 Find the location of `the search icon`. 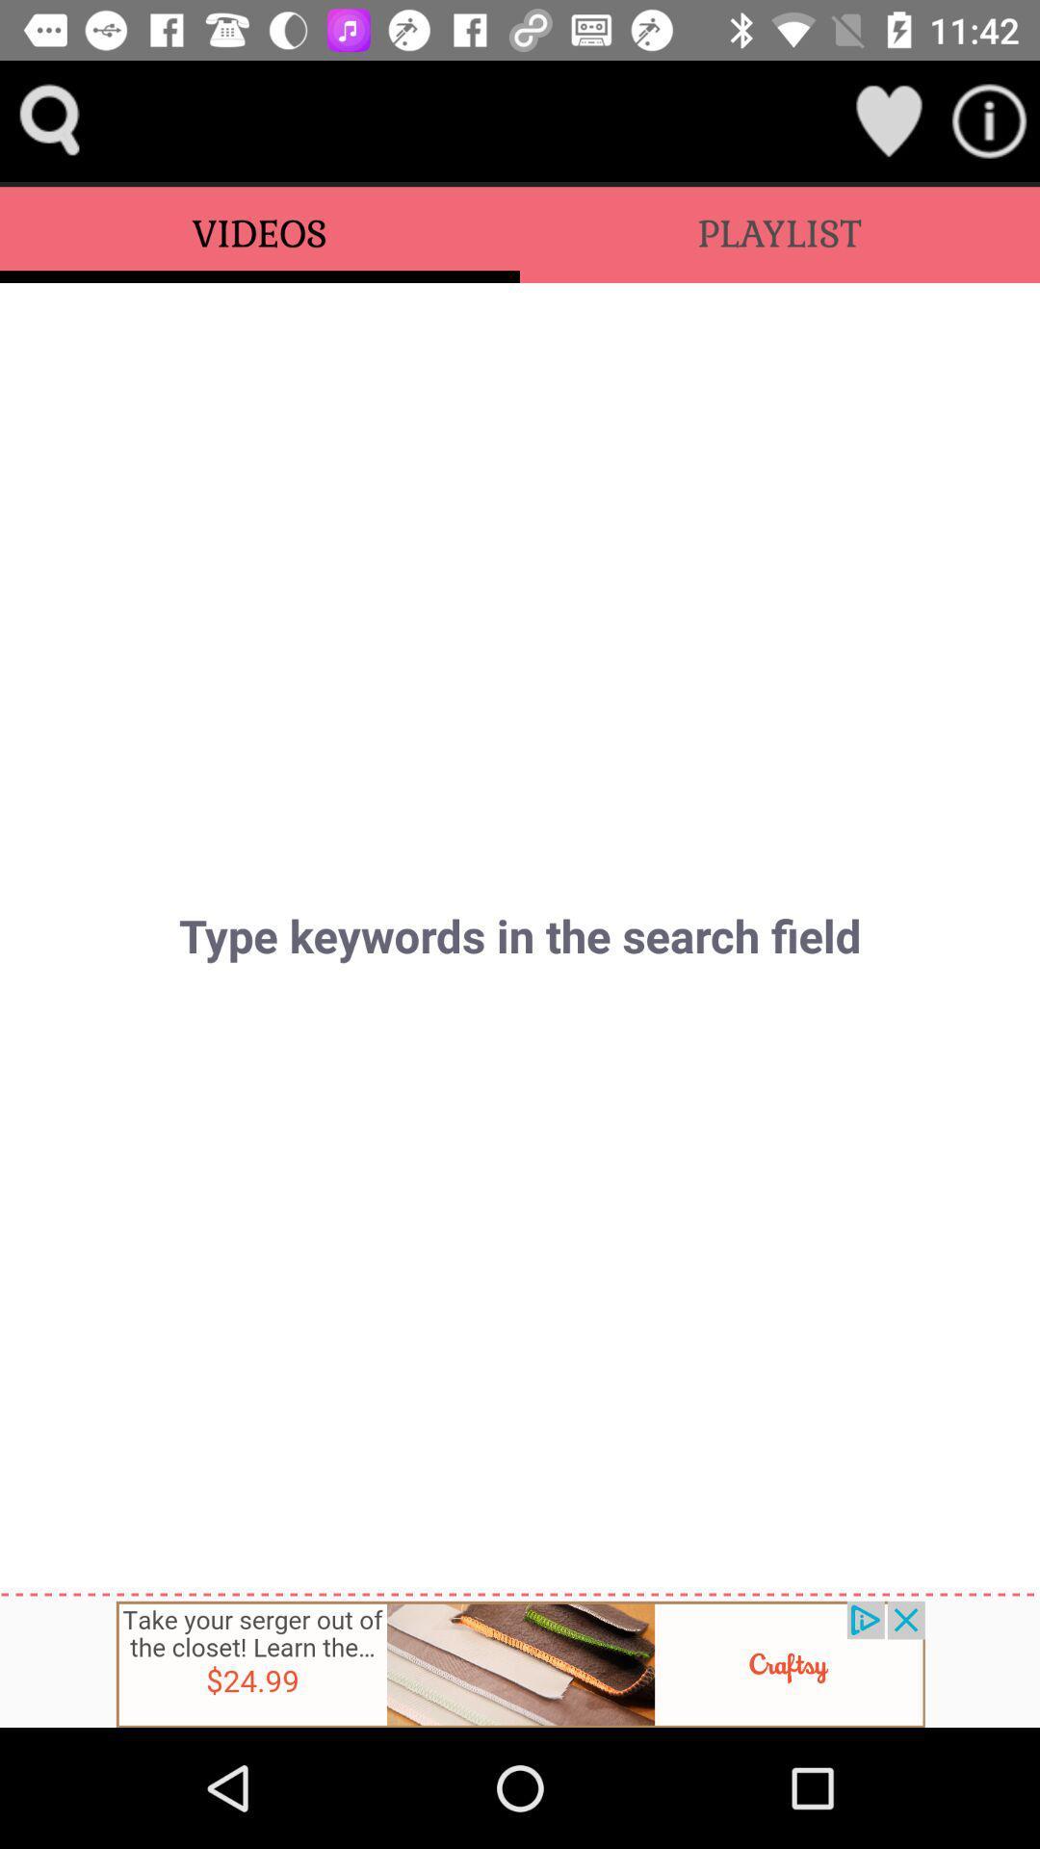

the search icon is located at coordinates (49, 119).